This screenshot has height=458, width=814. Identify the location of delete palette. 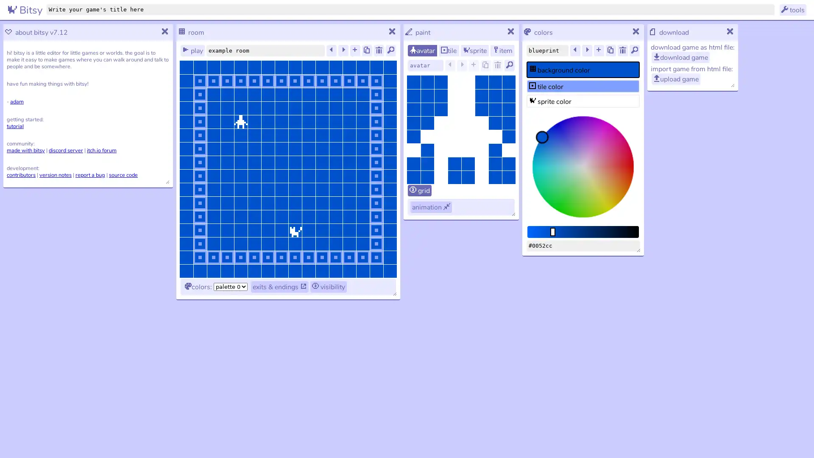
(622, 50).